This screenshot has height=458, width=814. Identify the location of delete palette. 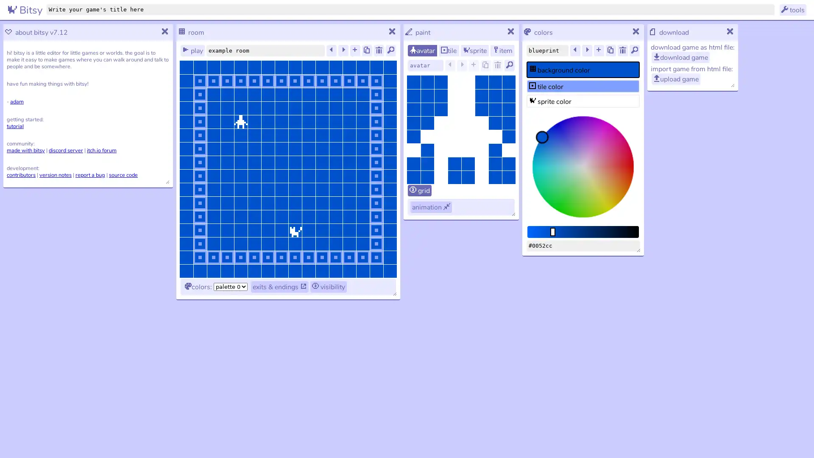
(622, 50).